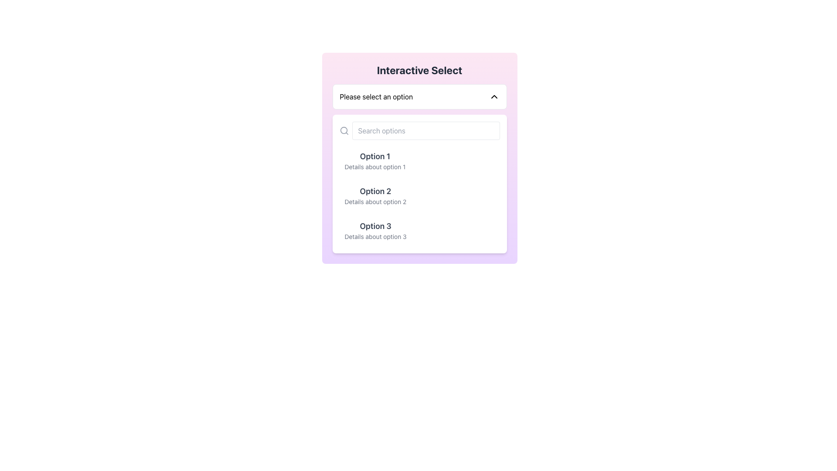  What do you see at coordinates (375, 195) in the screenshot?
I see `the List item labeled 'Option 2' within the dropdown, which contains the description 'Details about option 2'` at bounding box center [375, 195].